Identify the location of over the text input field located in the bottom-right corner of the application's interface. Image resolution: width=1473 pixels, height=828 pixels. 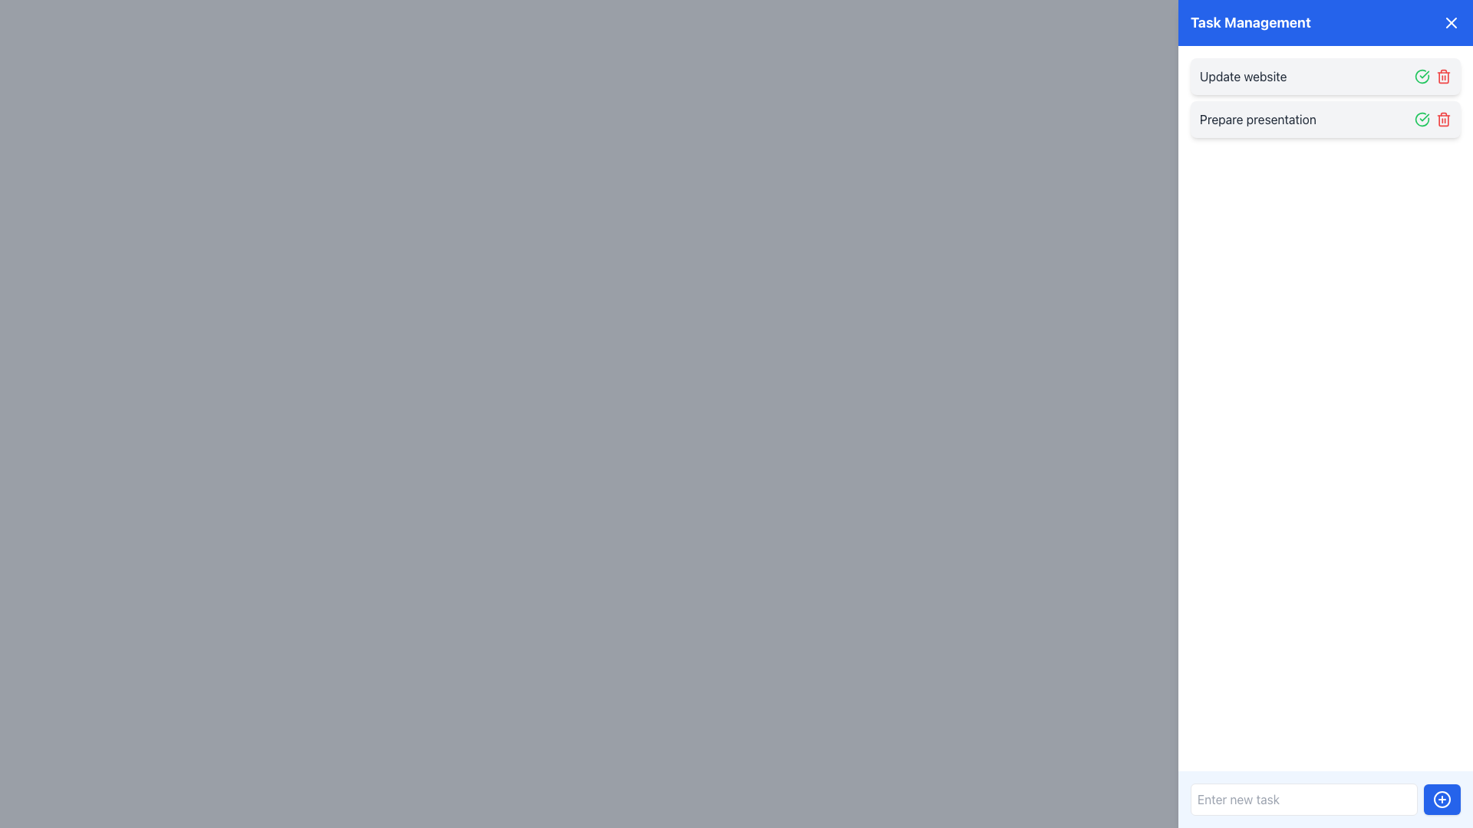
(1303, 798).